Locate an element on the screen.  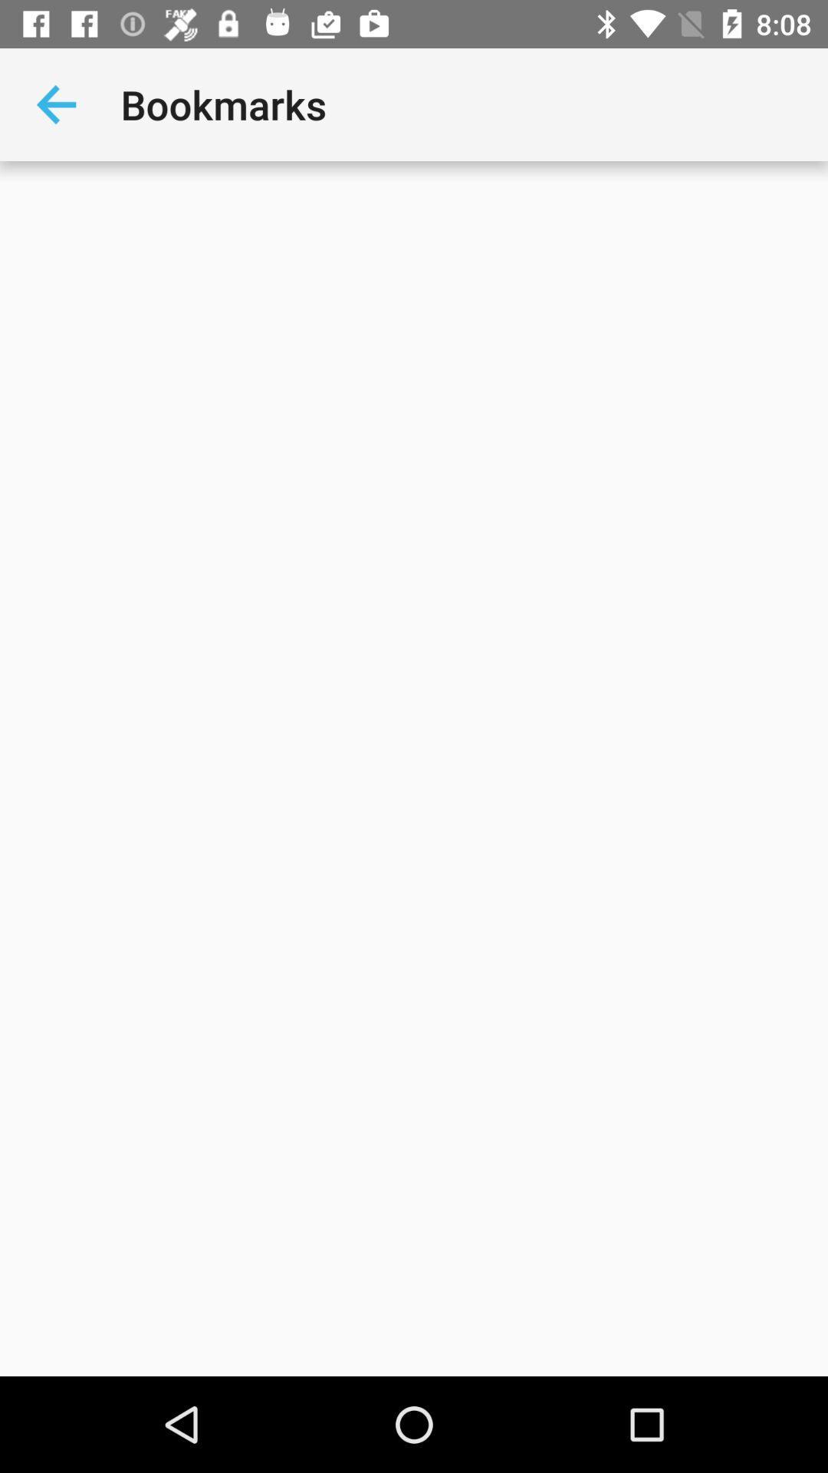
the item next to the bookmarks is located at coordinates (55, 104).